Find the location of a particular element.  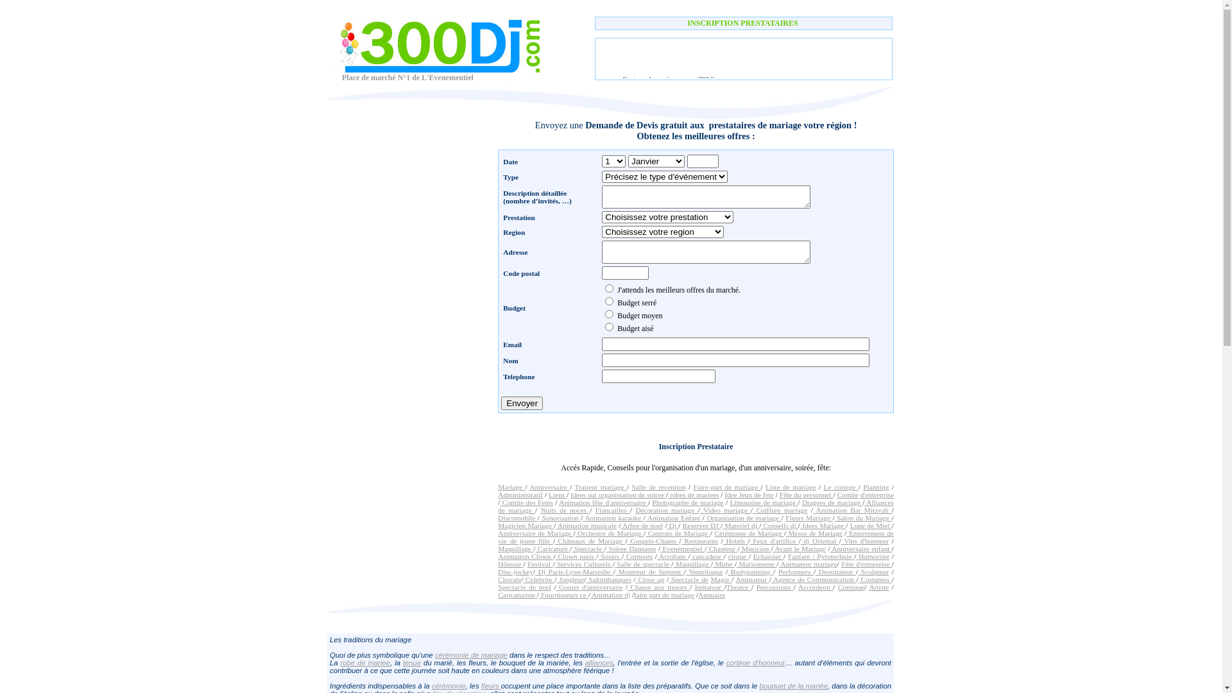

'Services Culturels' is located at coordinates (583, 563).